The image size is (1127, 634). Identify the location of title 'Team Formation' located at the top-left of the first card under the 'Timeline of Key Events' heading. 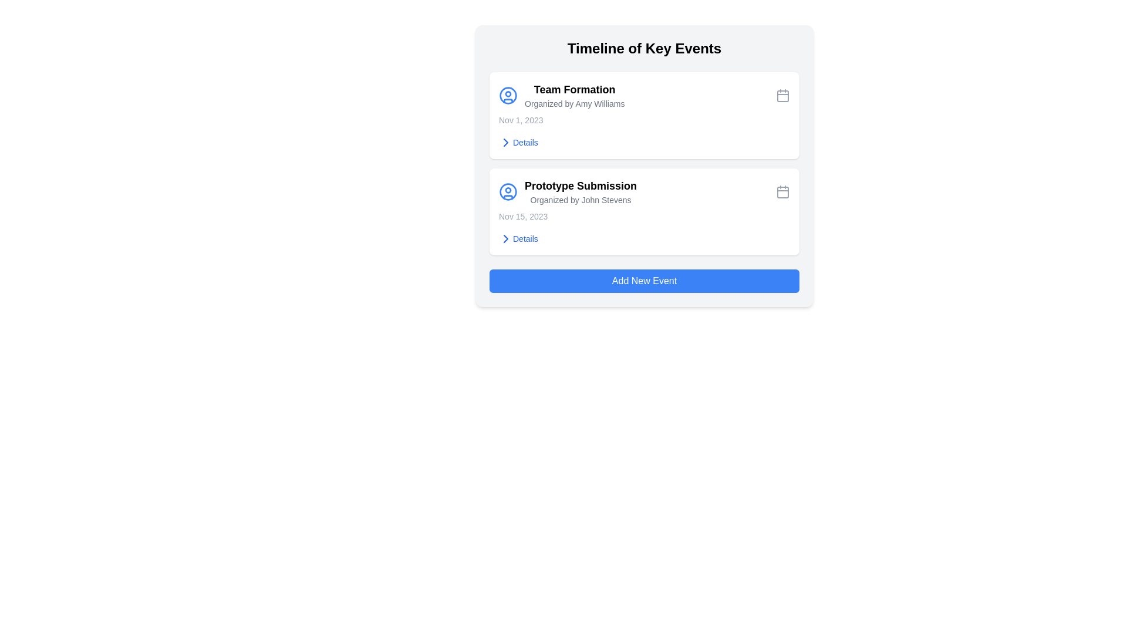
(575, 89).